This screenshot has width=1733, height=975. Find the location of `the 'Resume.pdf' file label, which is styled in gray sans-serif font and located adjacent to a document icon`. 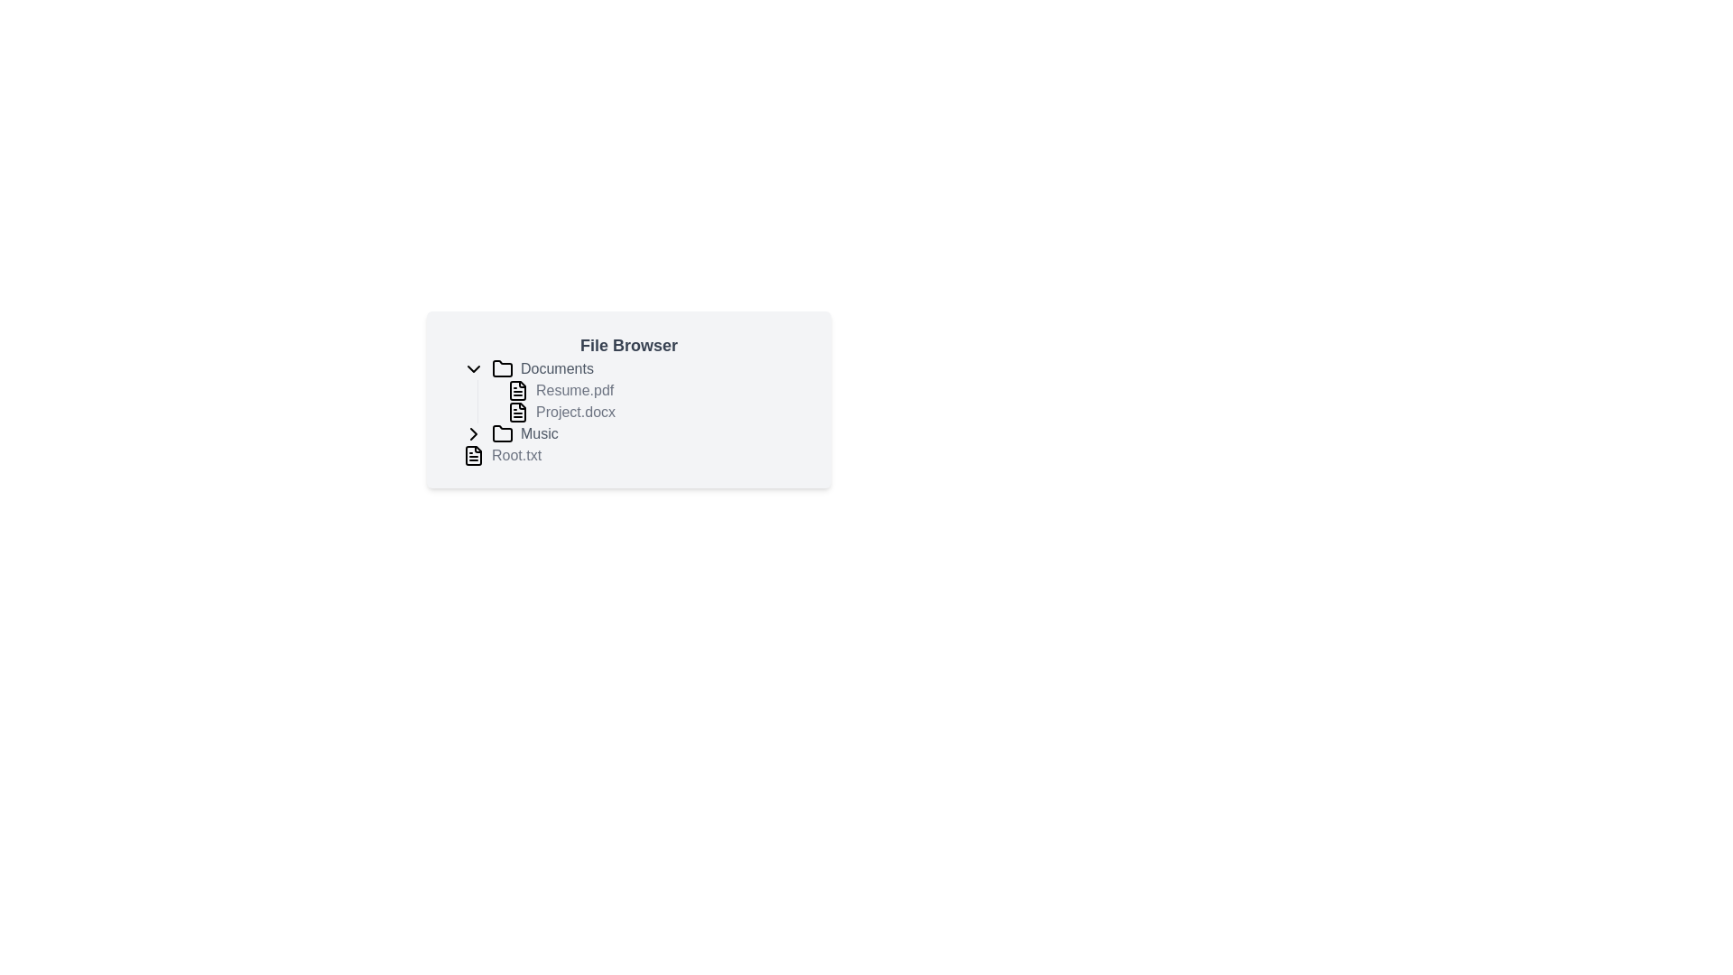

the 'Resume.pdf' file label, which is styled in gray sans-serif font and located adjacent to a document icon is located at coordinates (560, 389).